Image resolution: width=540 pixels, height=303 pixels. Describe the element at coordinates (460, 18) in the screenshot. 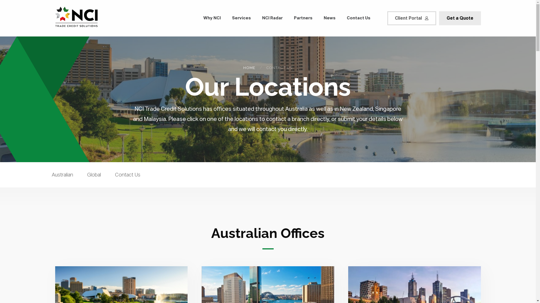

I see `'Get a Quote'` at that location.